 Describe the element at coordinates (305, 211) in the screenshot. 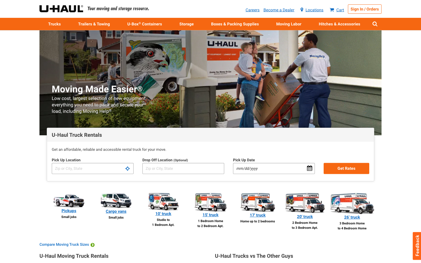

I see `Hire a 20ft truck for relocating a 3-bedroom apartment` at that location.